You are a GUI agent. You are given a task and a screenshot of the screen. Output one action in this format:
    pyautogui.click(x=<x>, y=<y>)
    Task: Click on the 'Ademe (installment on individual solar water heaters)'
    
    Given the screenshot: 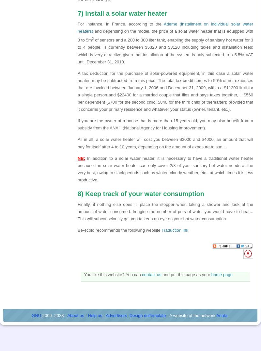 What is the action you would take?
    pyautogui.click(x=165, y=27)
    